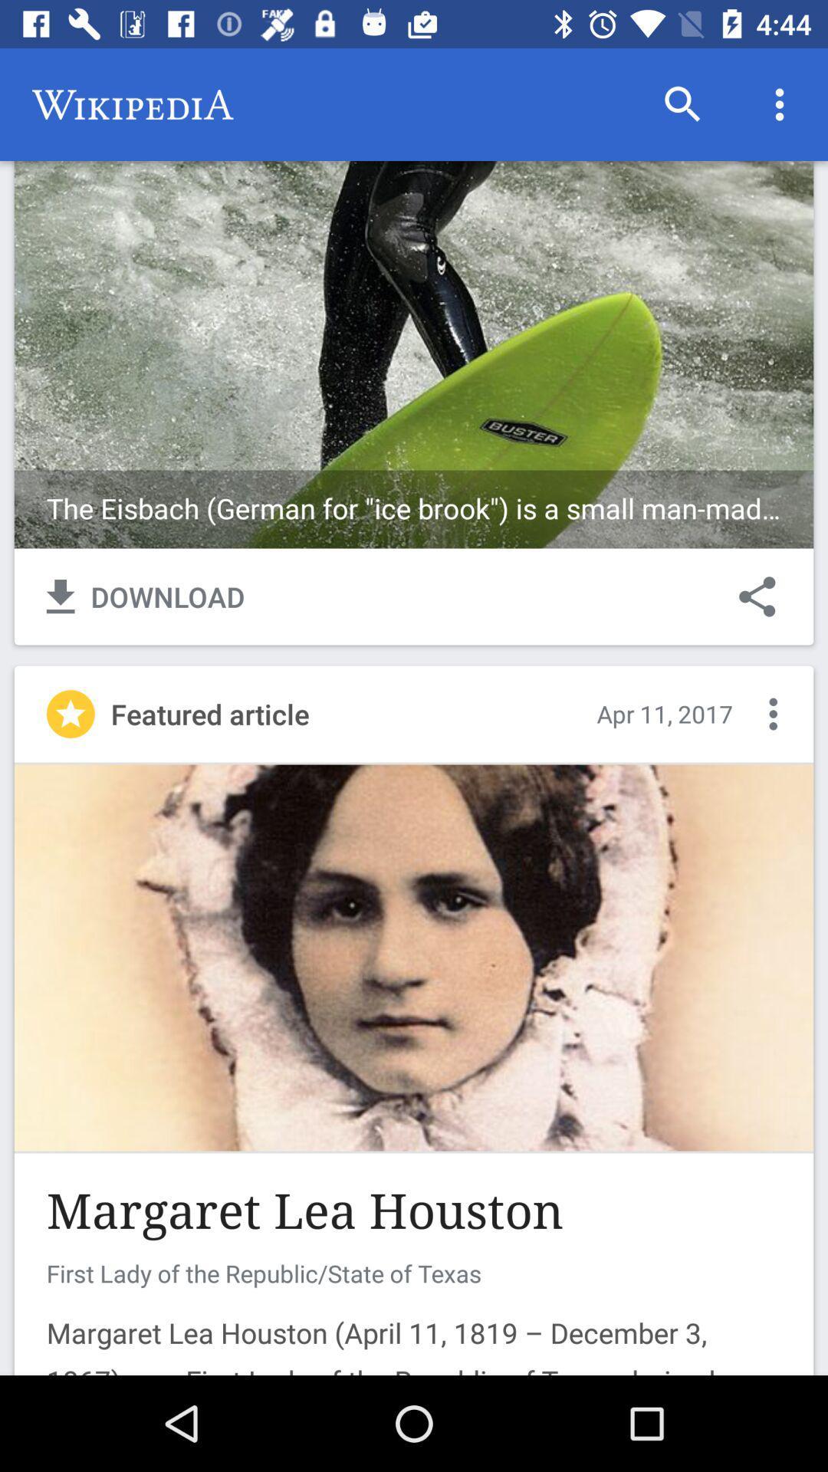 The width and height of the screenshot is (828, 1472). What do you see at coordinates (756, 596) in the screenshot?
I see `icon next to download item` at bounding box center [756, 596].